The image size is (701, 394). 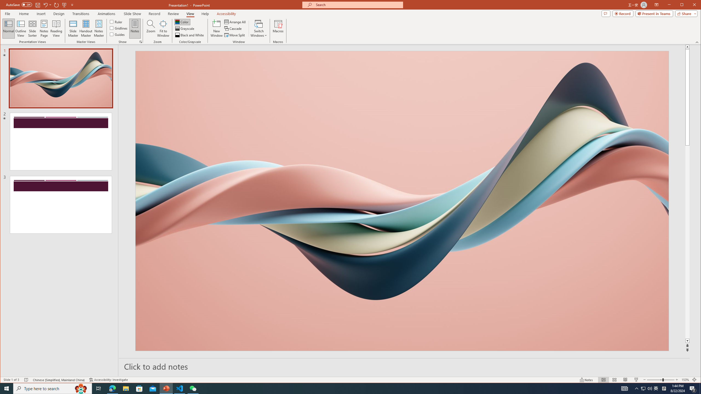 I want to click on 'WeChat - 1 running window', so click(x=193, y=388).